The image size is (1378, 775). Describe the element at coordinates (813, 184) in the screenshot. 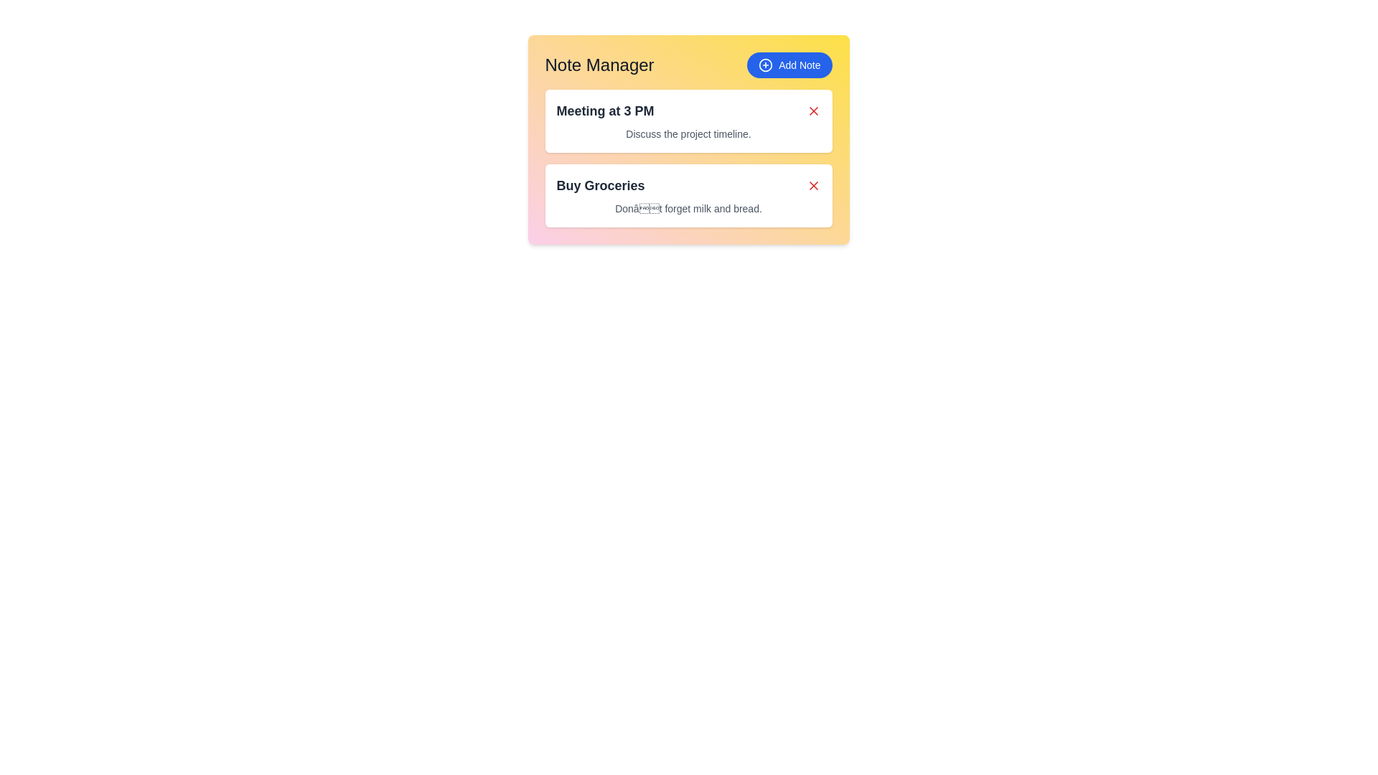

I see `the delete button for the note titled 'Buy Groceries'` at that location.